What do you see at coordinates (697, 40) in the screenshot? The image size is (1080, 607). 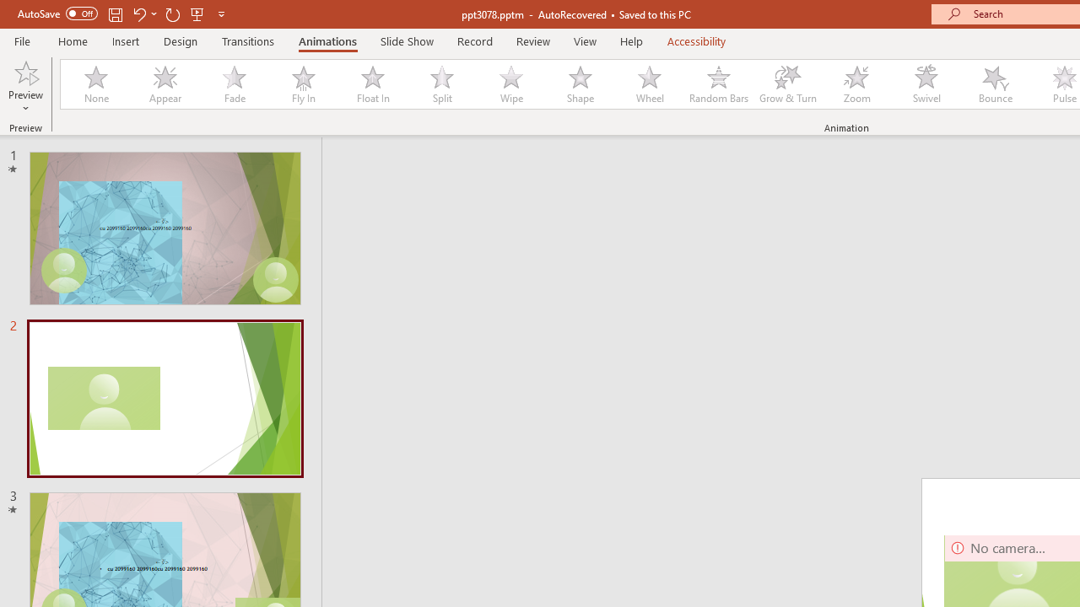 I see `'Accessibility'` at bounding box center [697, 40].